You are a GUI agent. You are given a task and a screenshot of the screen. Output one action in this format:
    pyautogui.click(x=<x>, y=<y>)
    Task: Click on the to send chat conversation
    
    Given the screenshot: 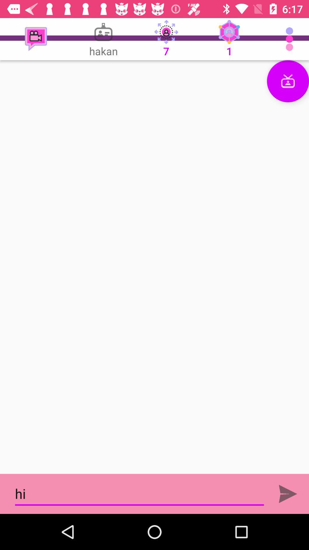 What is the action you would take?
    pyautogui.click(x=288, y=494)
    